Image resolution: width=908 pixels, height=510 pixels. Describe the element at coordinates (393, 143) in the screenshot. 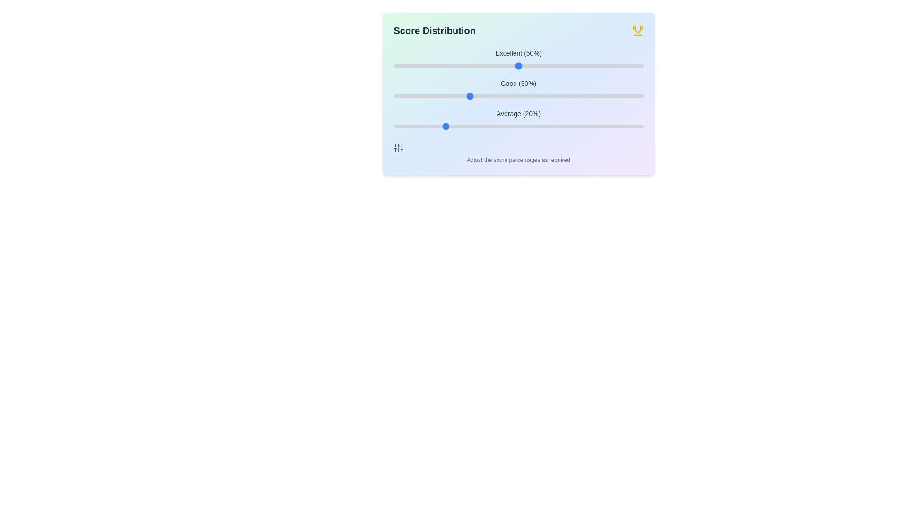

I see `the text 'Adjust the score percentages as required' by selecting it or drawing a visual rectangle around it` at that location.